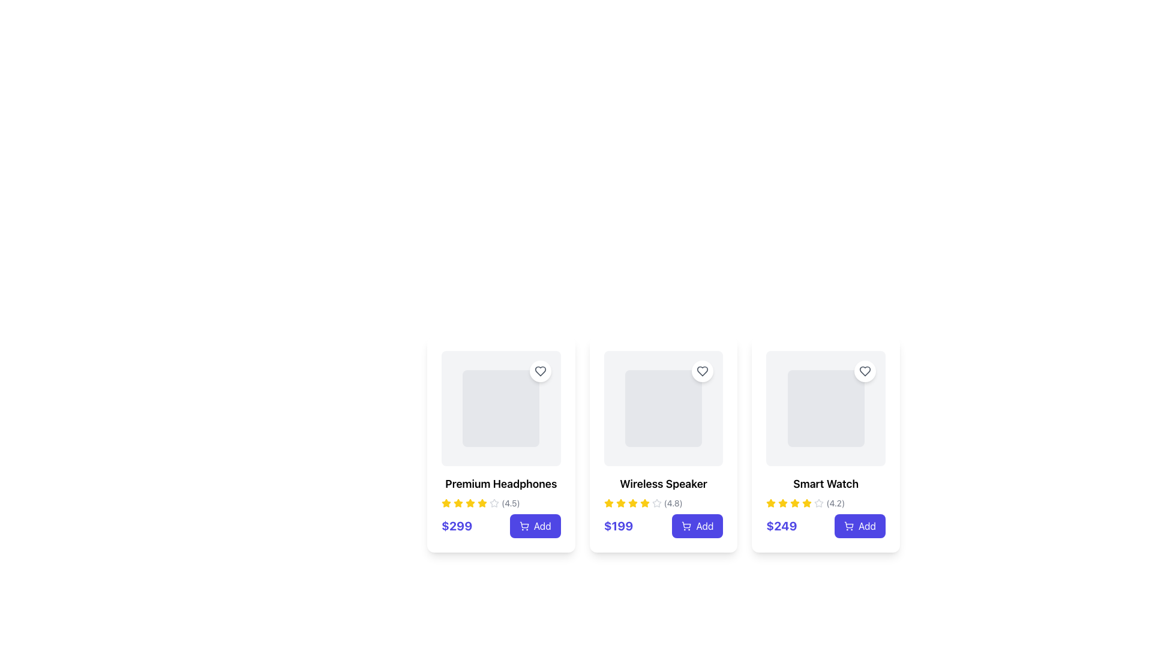 This screenshot has height=648, width=1152. What do you see at coordinates (818, 503) in the screenshot?
I see `the fifth unfilled star icon in the rating system located below 'Smart Watch' and above the rating '(4.2)' and price '$249'` at bounding box center [818, 503].